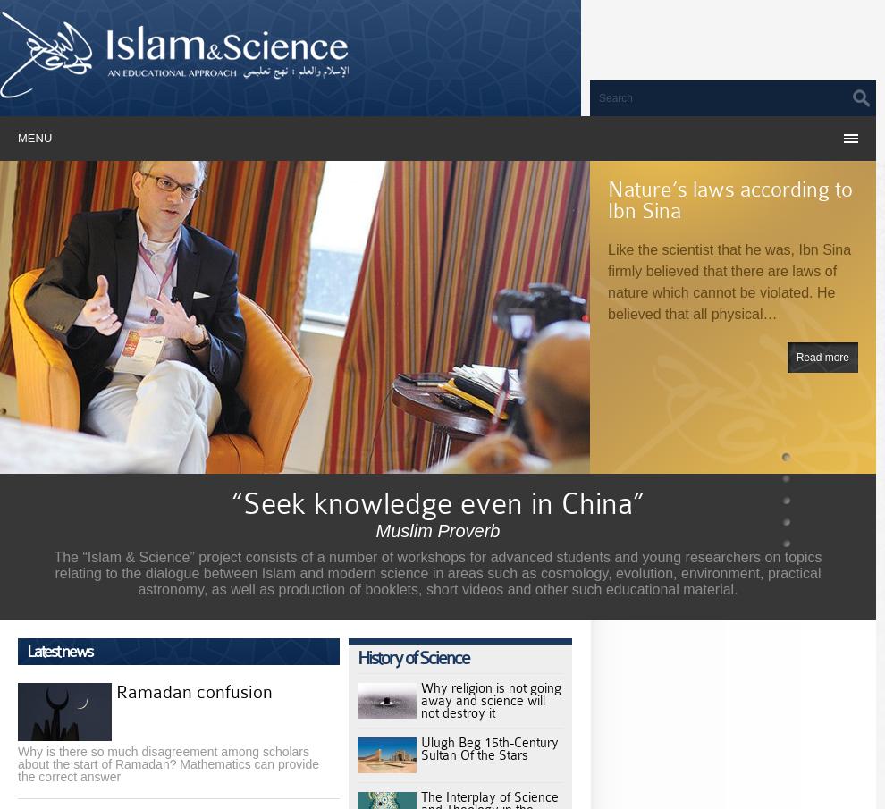 The image size is (885, 809). What do you see at coordinates (729, 198) in the screenshot?
I see `'Nature’s laws according to Ibn Sina'` at bounding box center [729, 198].